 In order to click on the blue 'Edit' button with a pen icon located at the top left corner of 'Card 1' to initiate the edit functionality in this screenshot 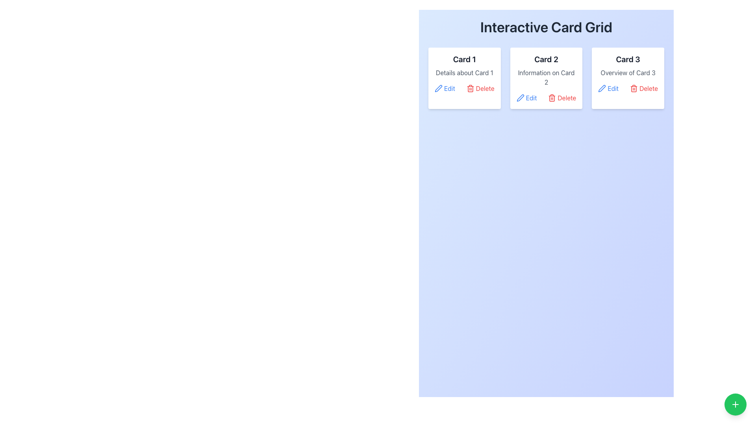, I will do `click(445, 88)`.